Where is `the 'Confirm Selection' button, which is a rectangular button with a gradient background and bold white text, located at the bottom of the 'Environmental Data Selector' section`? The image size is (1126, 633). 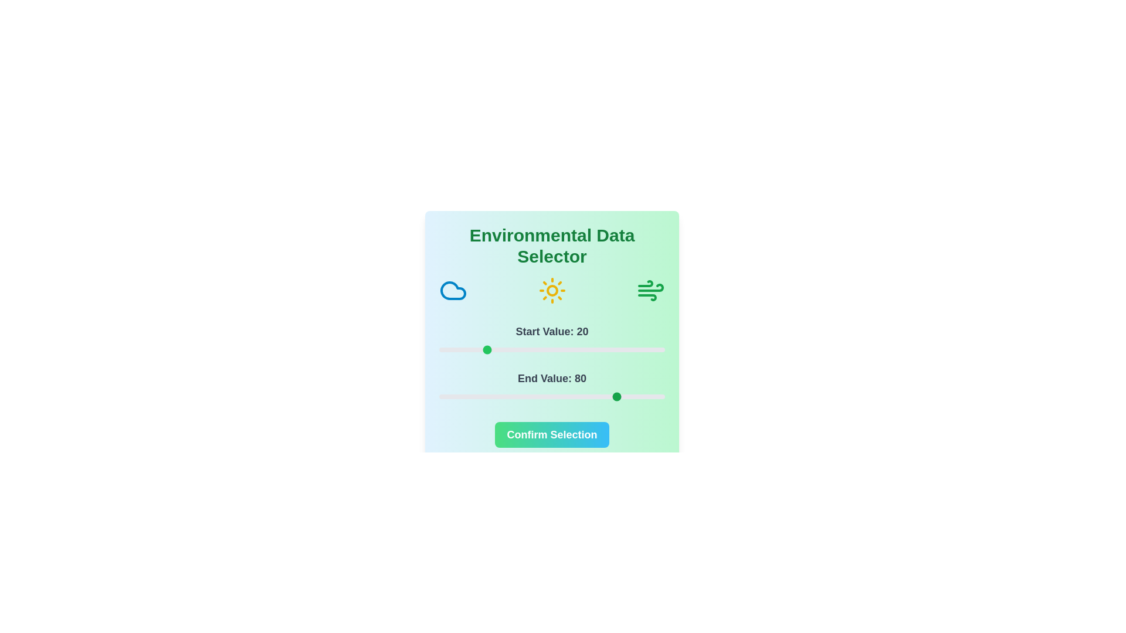 the 'Confirm Selection' button, which is a rectangular button with a gradient background and bold white text, located at the bottom of the 'Environmental Data Selector' section is located at coordinates (551, 434).